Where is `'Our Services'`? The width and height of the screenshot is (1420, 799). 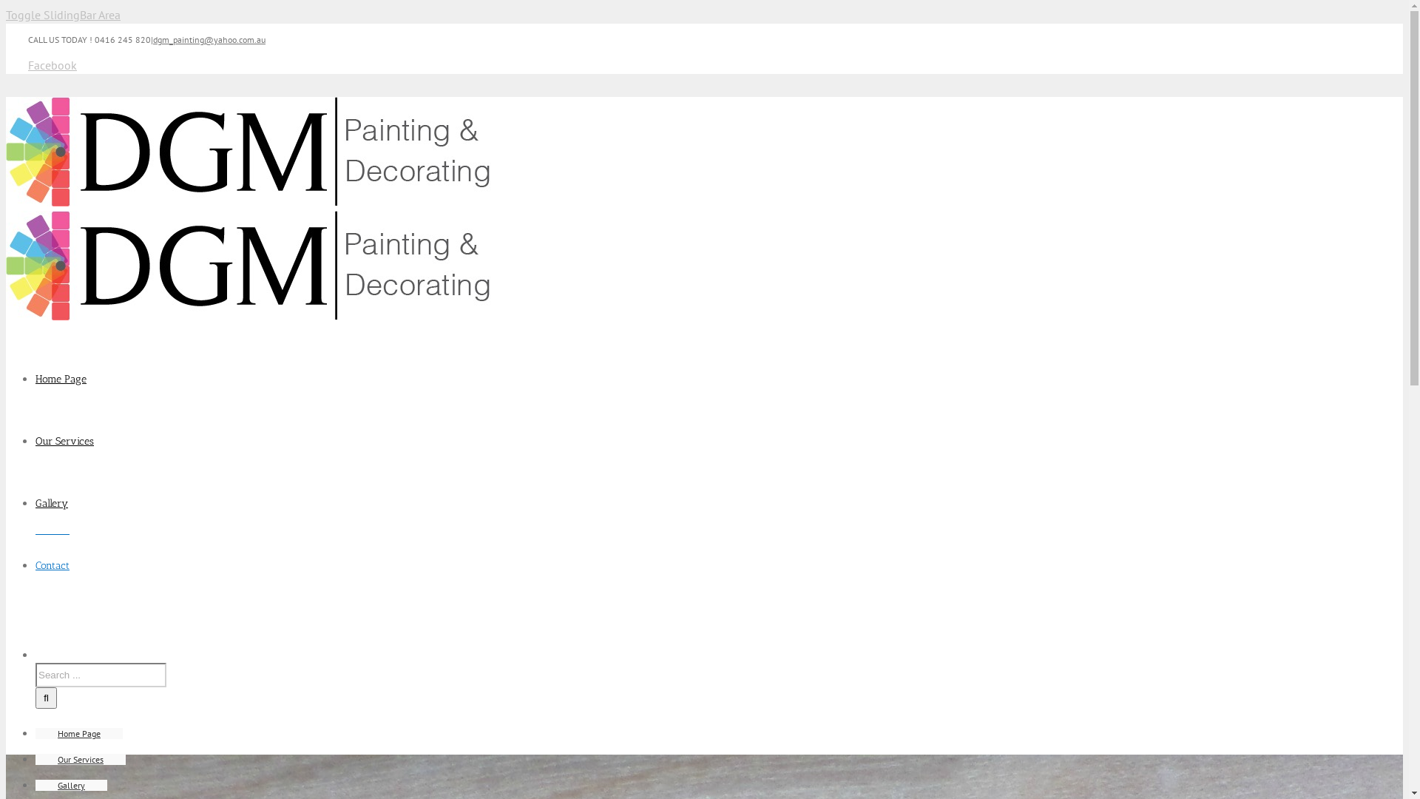
'Our Services' is located at coordinates (80, 759).